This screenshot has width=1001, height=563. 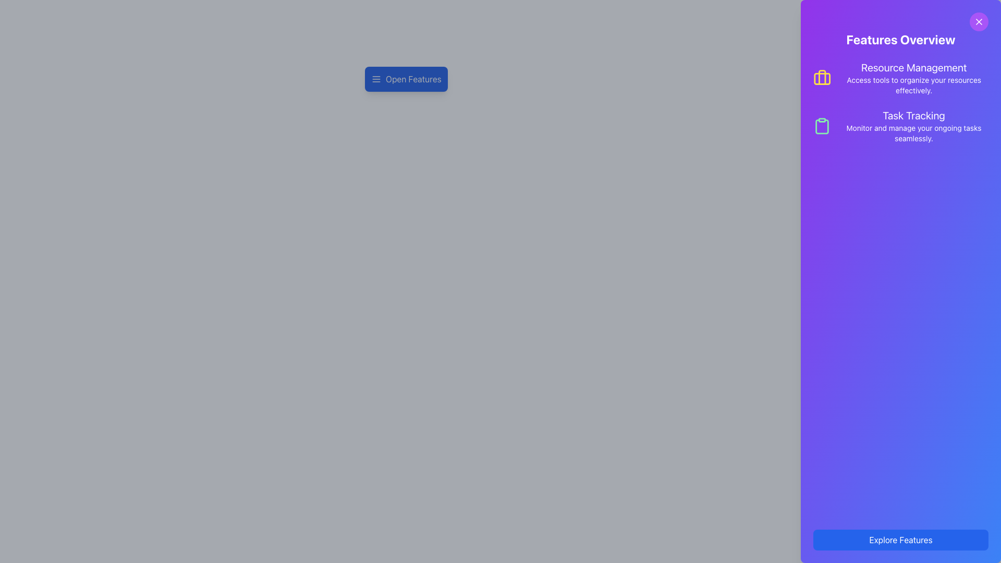 I want to click on the handle component of the suitcase icon, which visually represents 'Resource Management', located near the top of the purple panel on the right side of the interface, so click(x=822, y=77).